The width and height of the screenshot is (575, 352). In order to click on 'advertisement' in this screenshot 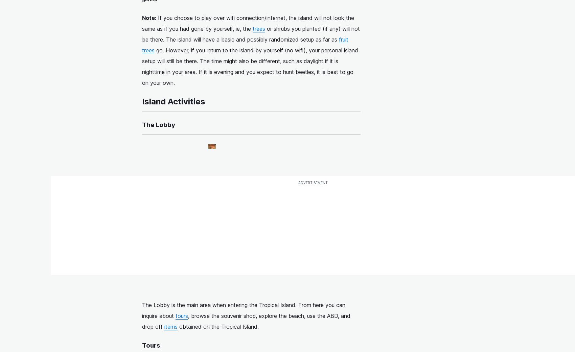, I will do `click(313, 182)`.